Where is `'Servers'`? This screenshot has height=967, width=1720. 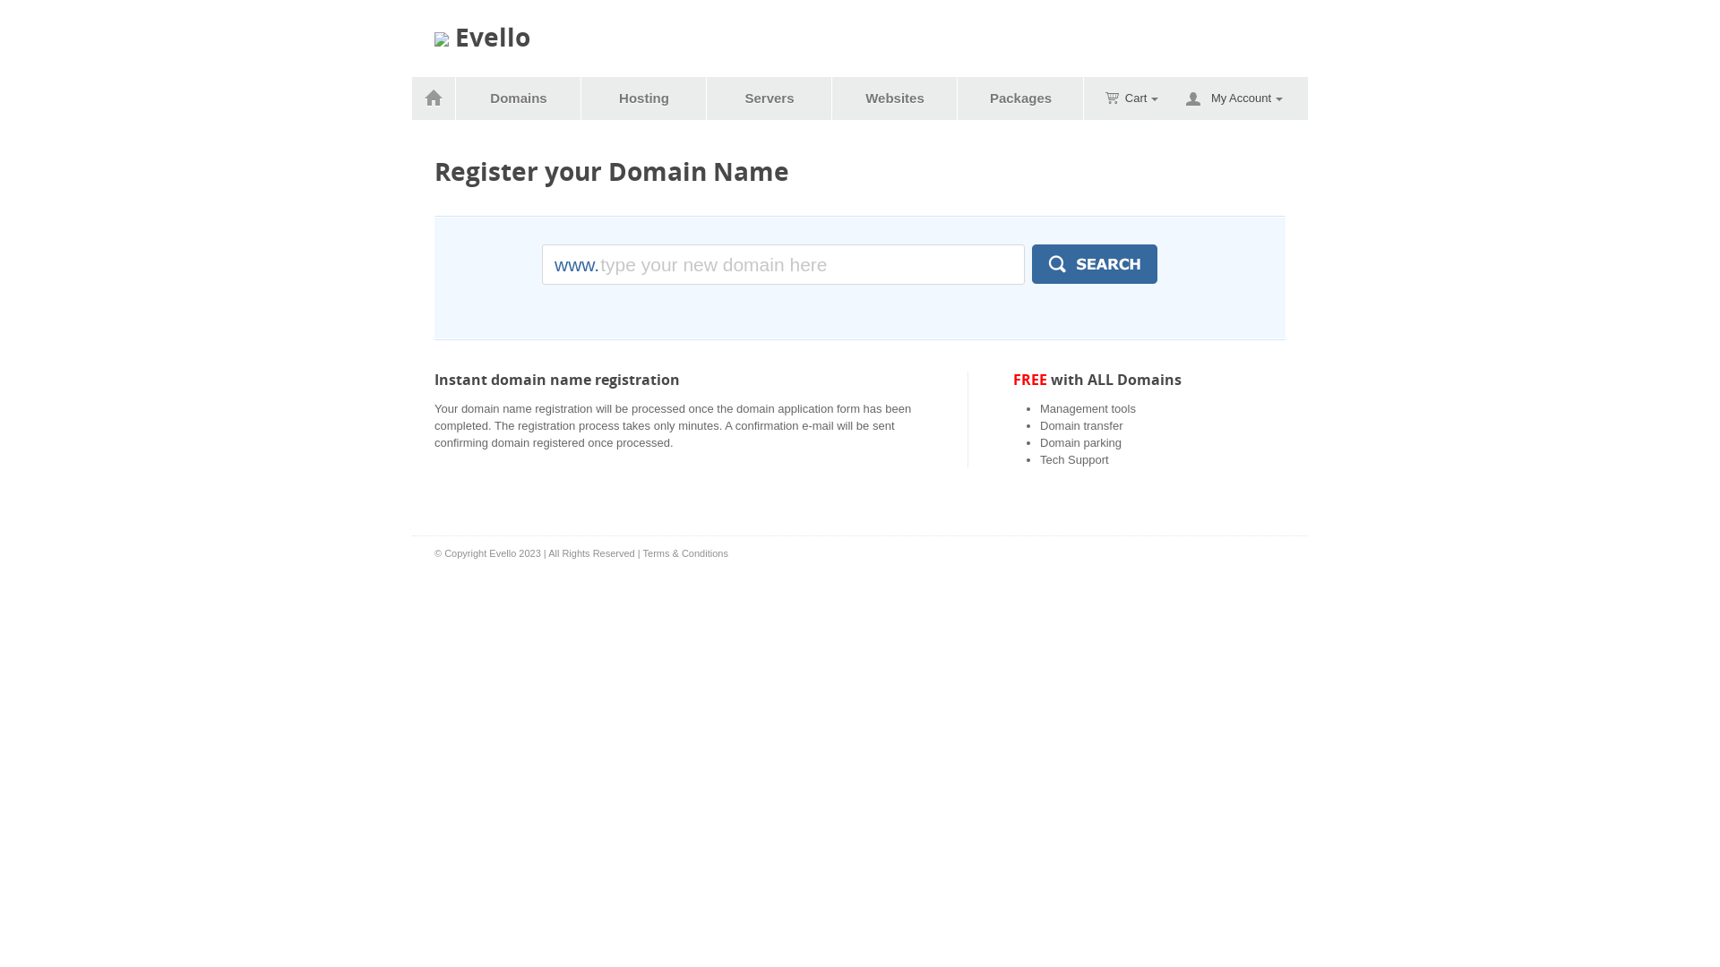 'Servers' is located at coordinates (770, 98).